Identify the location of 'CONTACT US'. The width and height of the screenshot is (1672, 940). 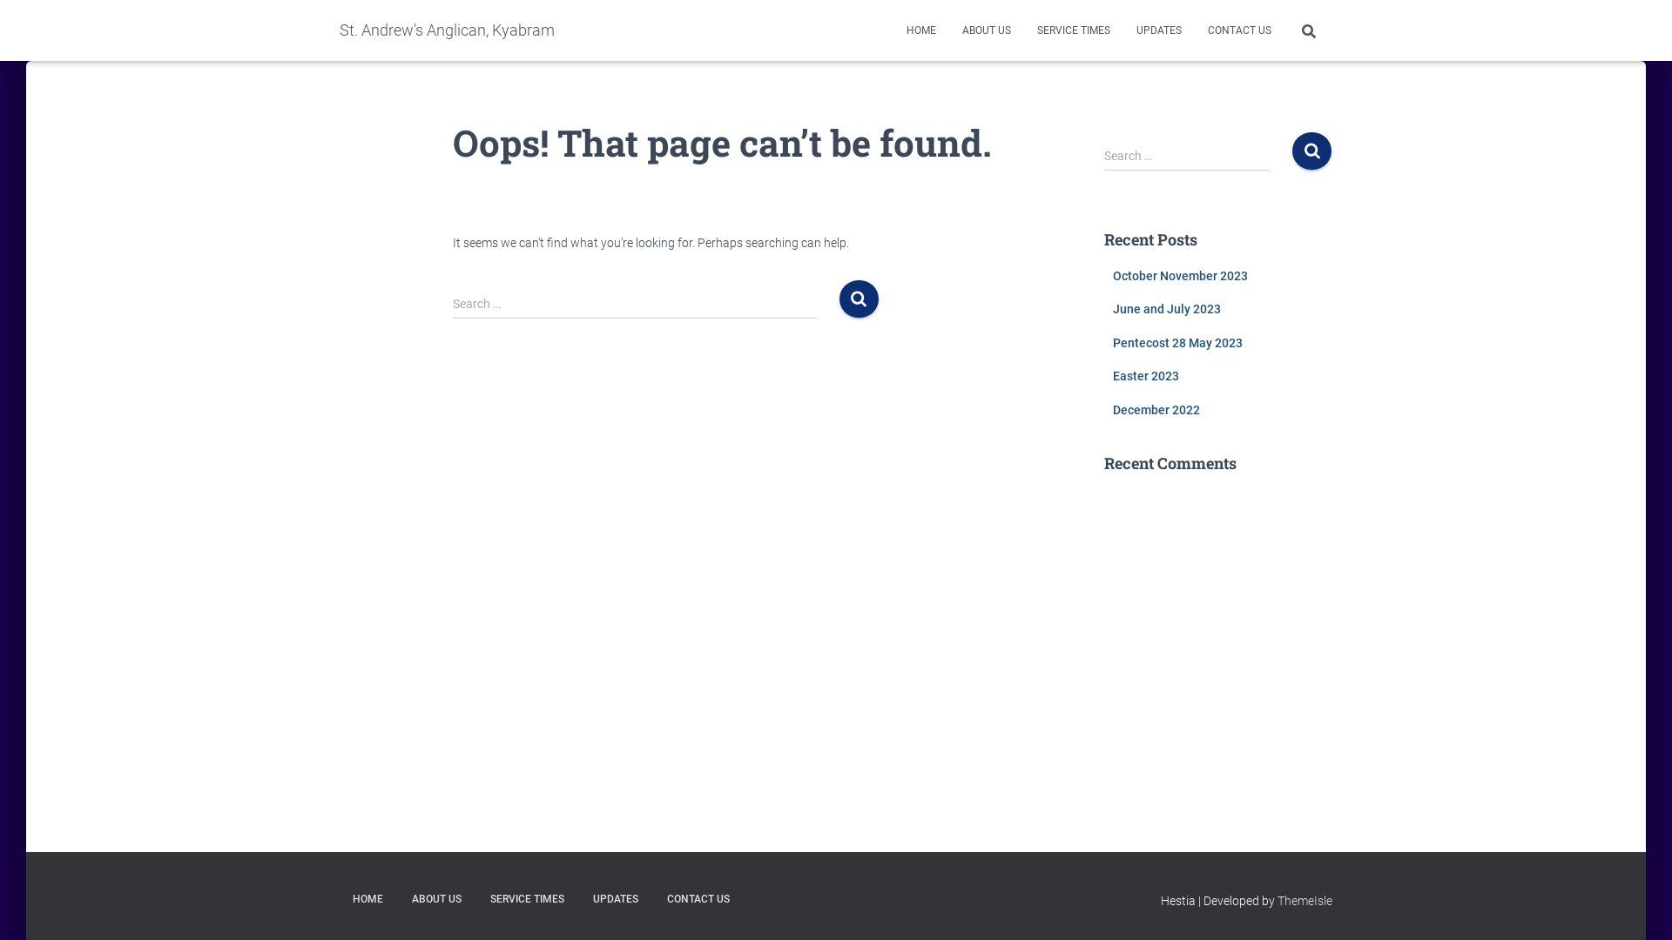
(698, 899).